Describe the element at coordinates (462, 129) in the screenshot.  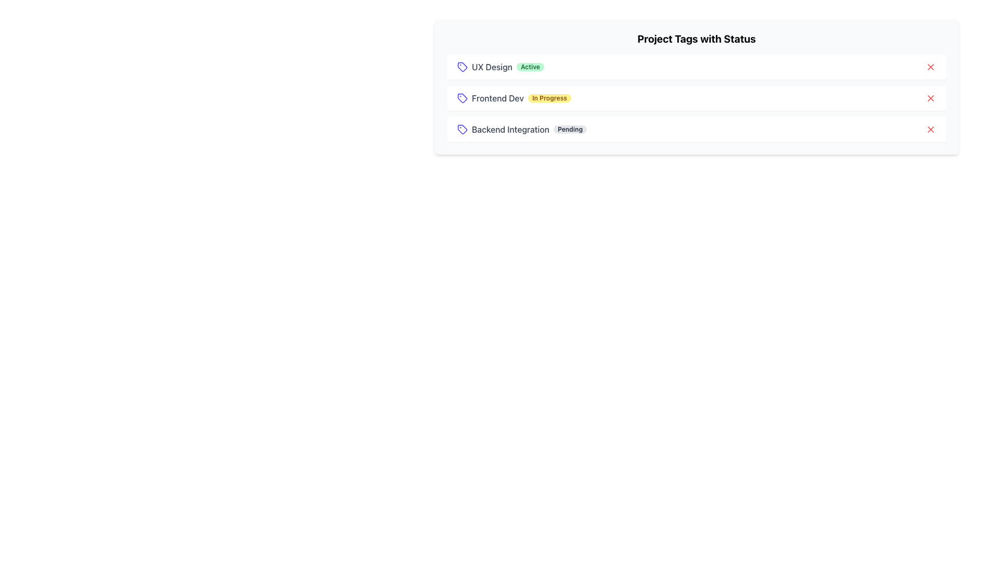
I see `the icon representing the 'Backend Integration' project tag, which is located adjacent to the 'Pending' text label in the tabular list of project tags` at that location.